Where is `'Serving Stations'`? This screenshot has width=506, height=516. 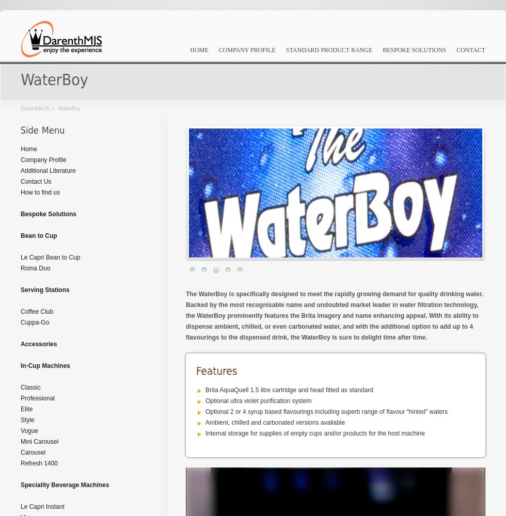 'Serving Stations' is located at coordinates (45, 290).